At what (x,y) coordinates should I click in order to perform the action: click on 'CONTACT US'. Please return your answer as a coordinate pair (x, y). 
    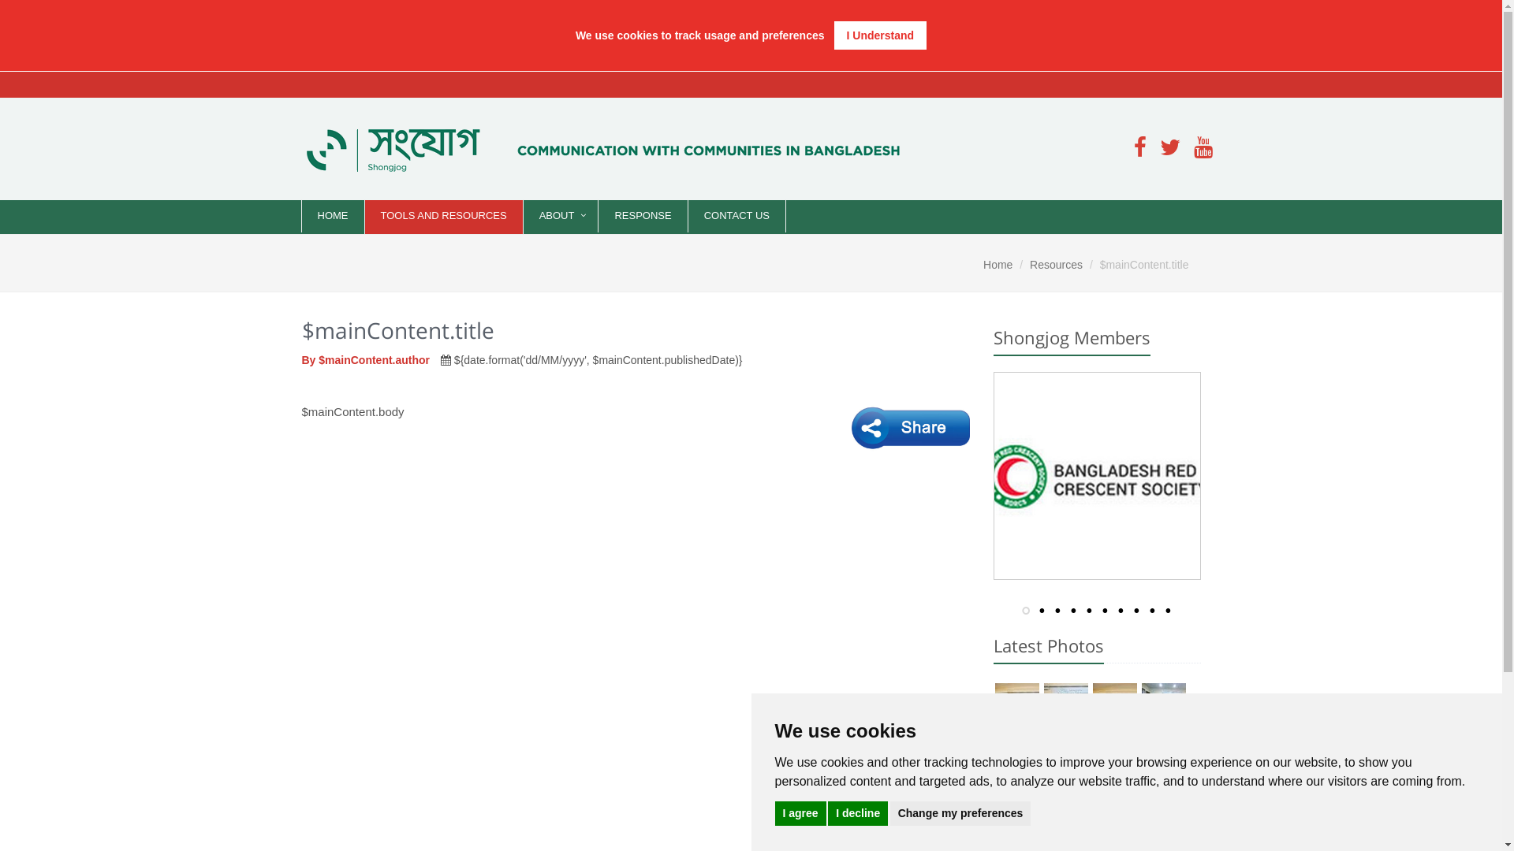
    Looking at the image, I should click on (736, 215).